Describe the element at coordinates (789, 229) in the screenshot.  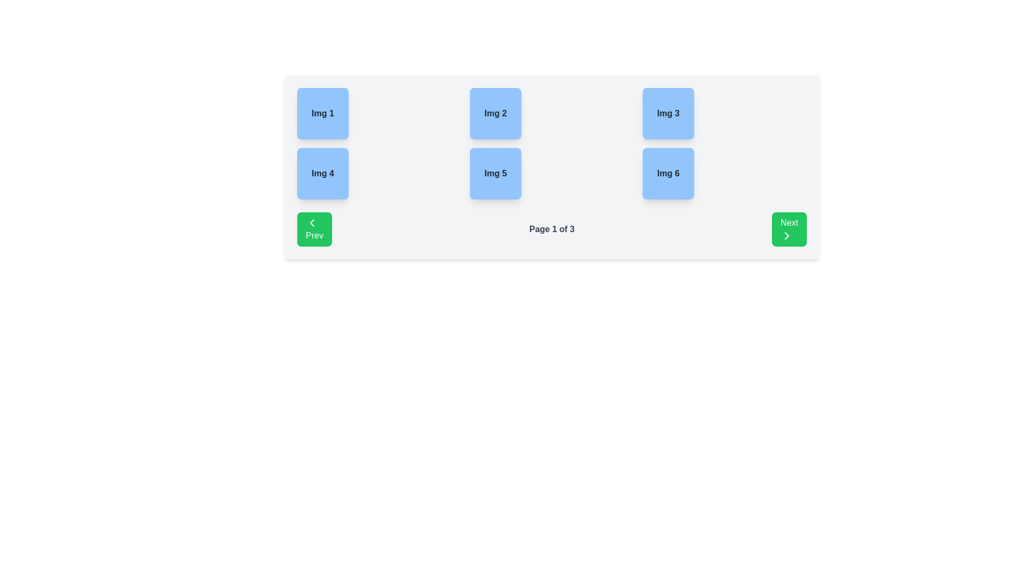
I see `the 'Next' button with a green background and rounded corners` at that location.